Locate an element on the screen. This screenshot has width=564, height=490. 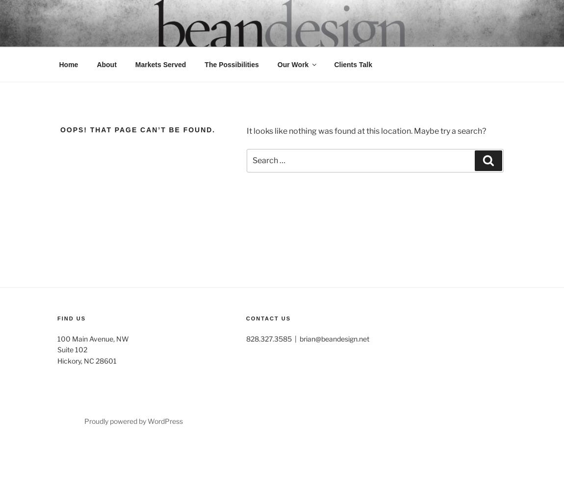
'100 Main Avenue, NW' is located at coordinates (92, 338).